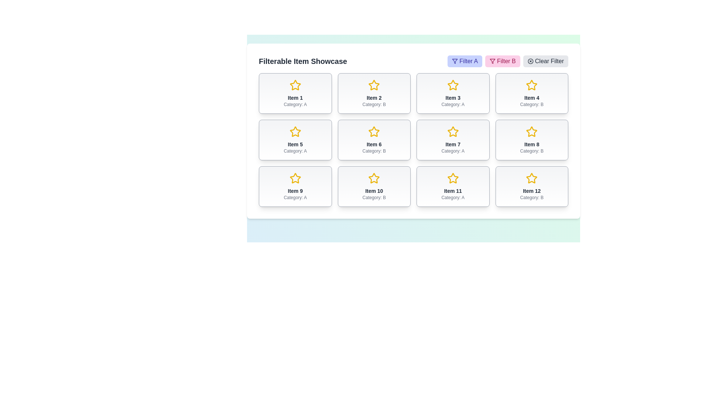 Image resolution: width=709 pixels, height=399 pixels. Describe the element at coordinates (303, 61) in the screenshot. I see `the header text labeled 'Filterable Item Showcase', which is styled with a large and bold dark gray font` at that location.